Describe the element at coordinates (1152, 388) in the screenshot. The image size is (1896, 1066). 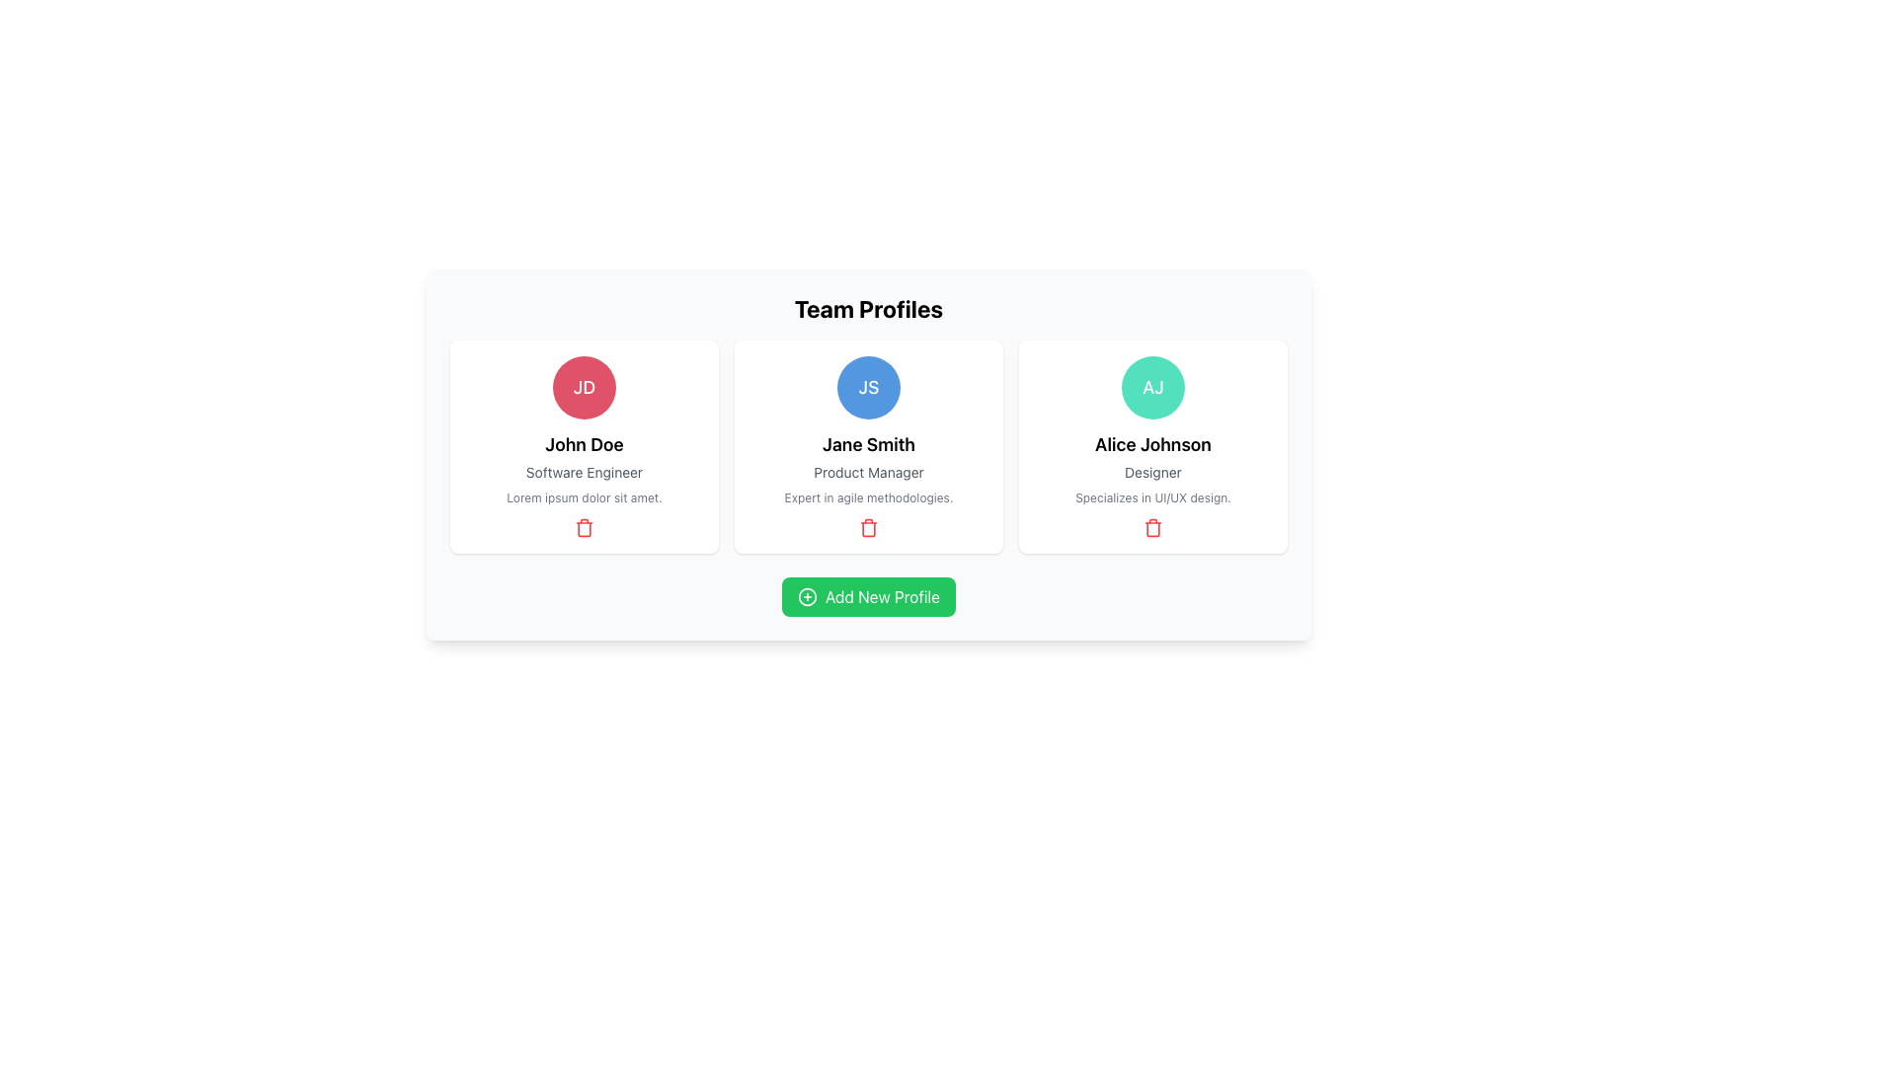
I see `the circular avatar representing Alice Johnson, which has the initials 'AJ' in white text on a teal background` at that location.